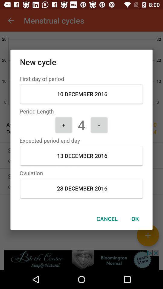 This screenshot has width=163, height=289. I want to click on - icon, so click(99, 124).